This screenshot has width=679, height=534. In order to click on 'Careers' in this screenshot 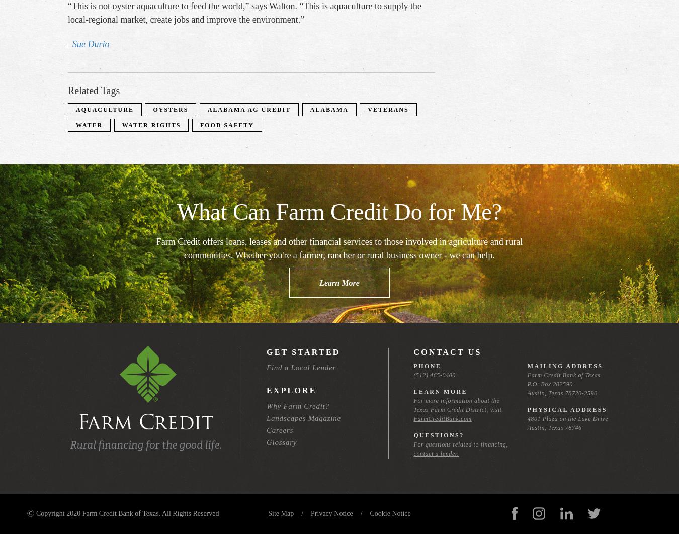, I will do `click(279, 429)`.